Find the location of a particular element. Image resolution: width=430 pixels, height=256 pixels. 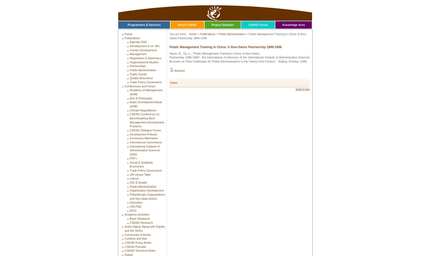

'Agenda 2030' is located at coordinates (129, 42).